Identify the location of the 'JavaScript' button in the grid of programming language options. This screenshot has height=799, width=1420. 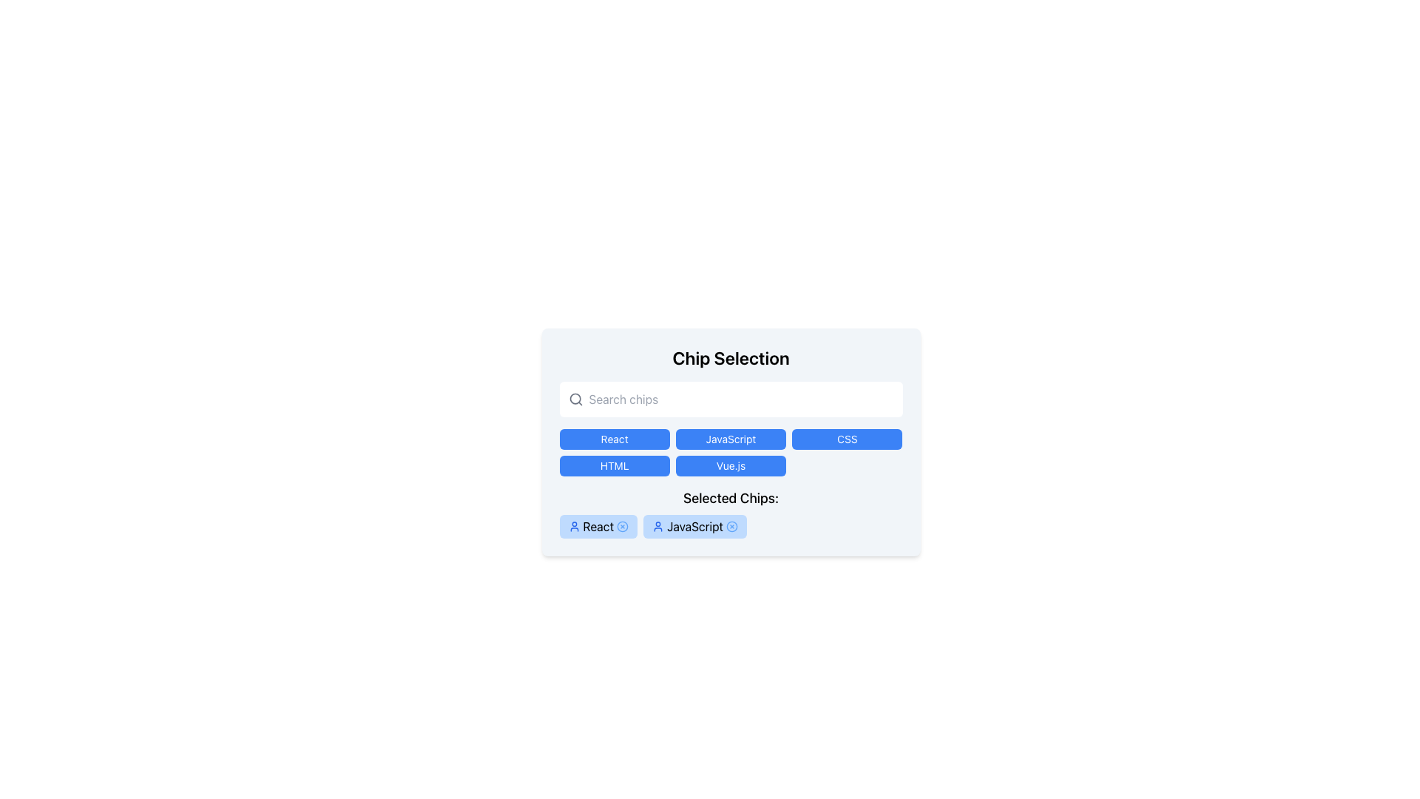
(731, 452).